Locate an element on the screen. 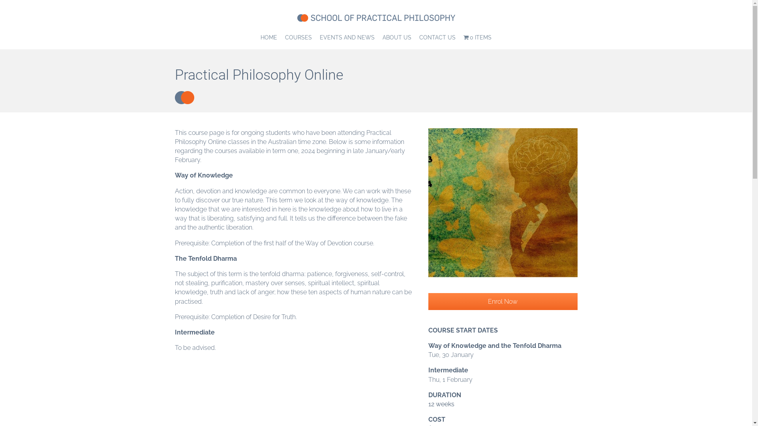 This screenshot has height=426, width=758. 'COURSES' is located at coordinates (298, 37).